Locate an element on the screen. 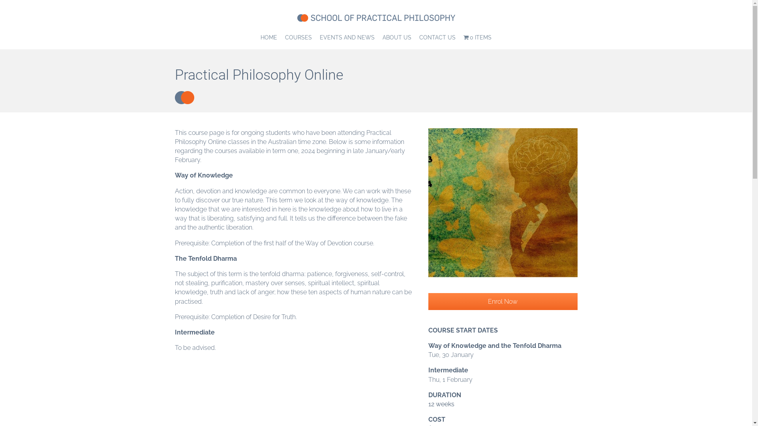 This screenshot has height=426, width=758. 'COURSES' is located at coordinates (298, 37).